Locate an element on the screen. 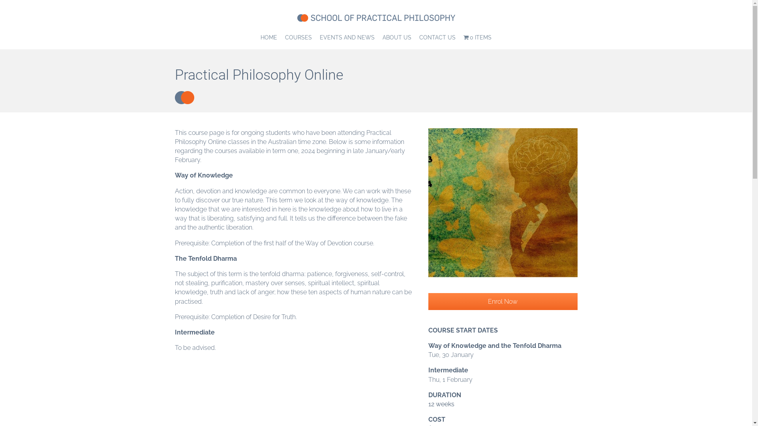 This screenshot has height=426, width=758. 'COURSES' is located at coordinates (298, 37).